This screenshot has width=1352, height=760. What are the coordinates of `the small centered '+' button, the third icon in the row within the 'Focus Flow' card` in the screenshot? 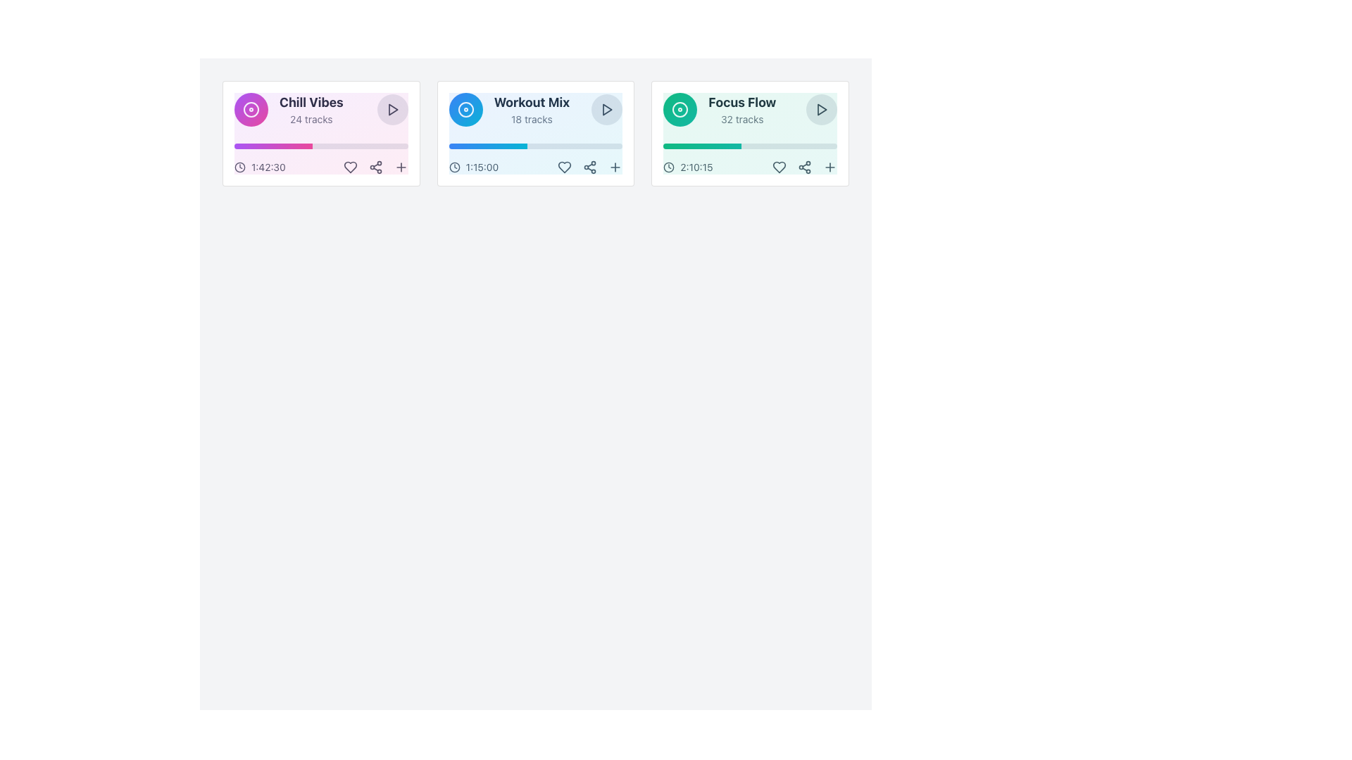 It's located at (829, 167).